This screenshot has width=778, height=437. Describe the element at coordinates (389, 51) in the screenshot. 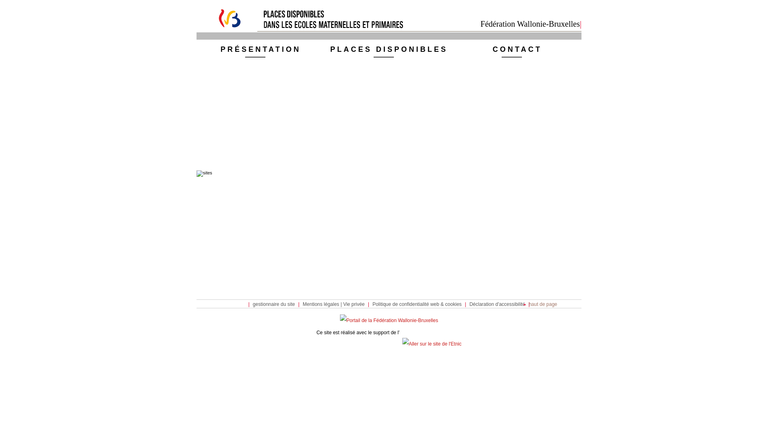

I see `'PLACES DISPONIBLES'` at that location.